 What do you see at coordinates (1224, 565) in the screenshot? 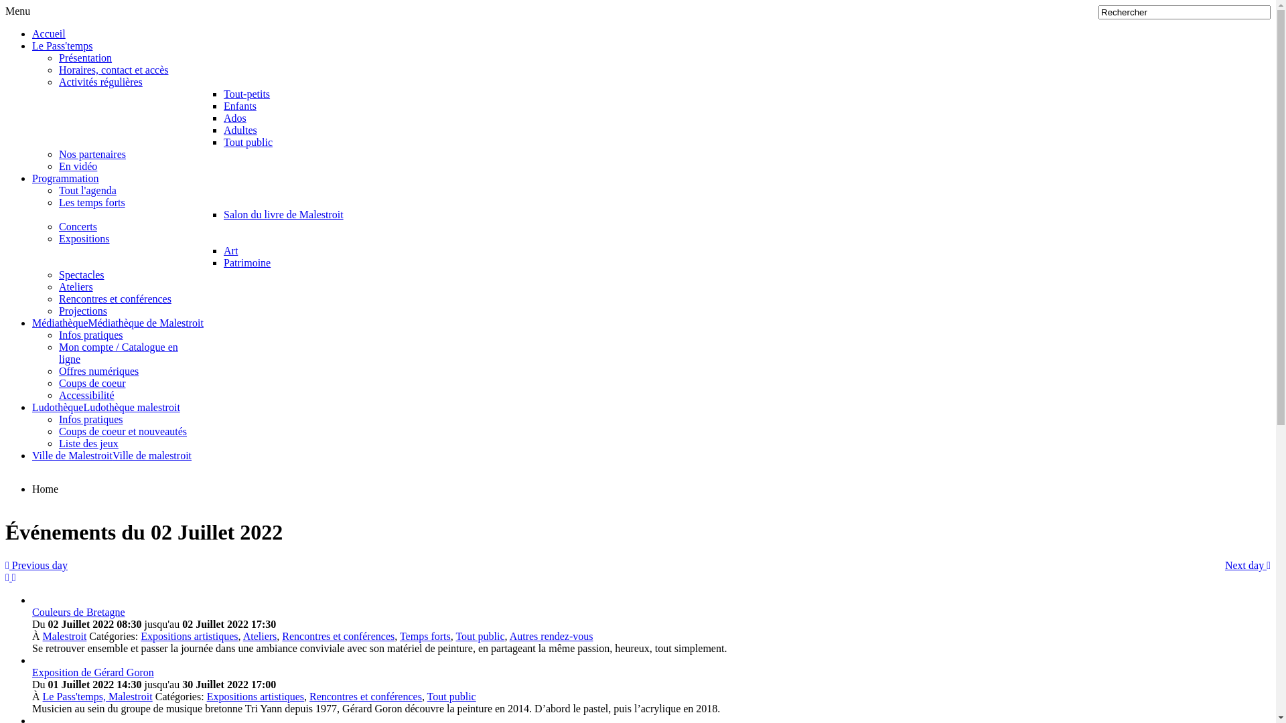
I see `'Next day'` at bounding box center [1224, 565].